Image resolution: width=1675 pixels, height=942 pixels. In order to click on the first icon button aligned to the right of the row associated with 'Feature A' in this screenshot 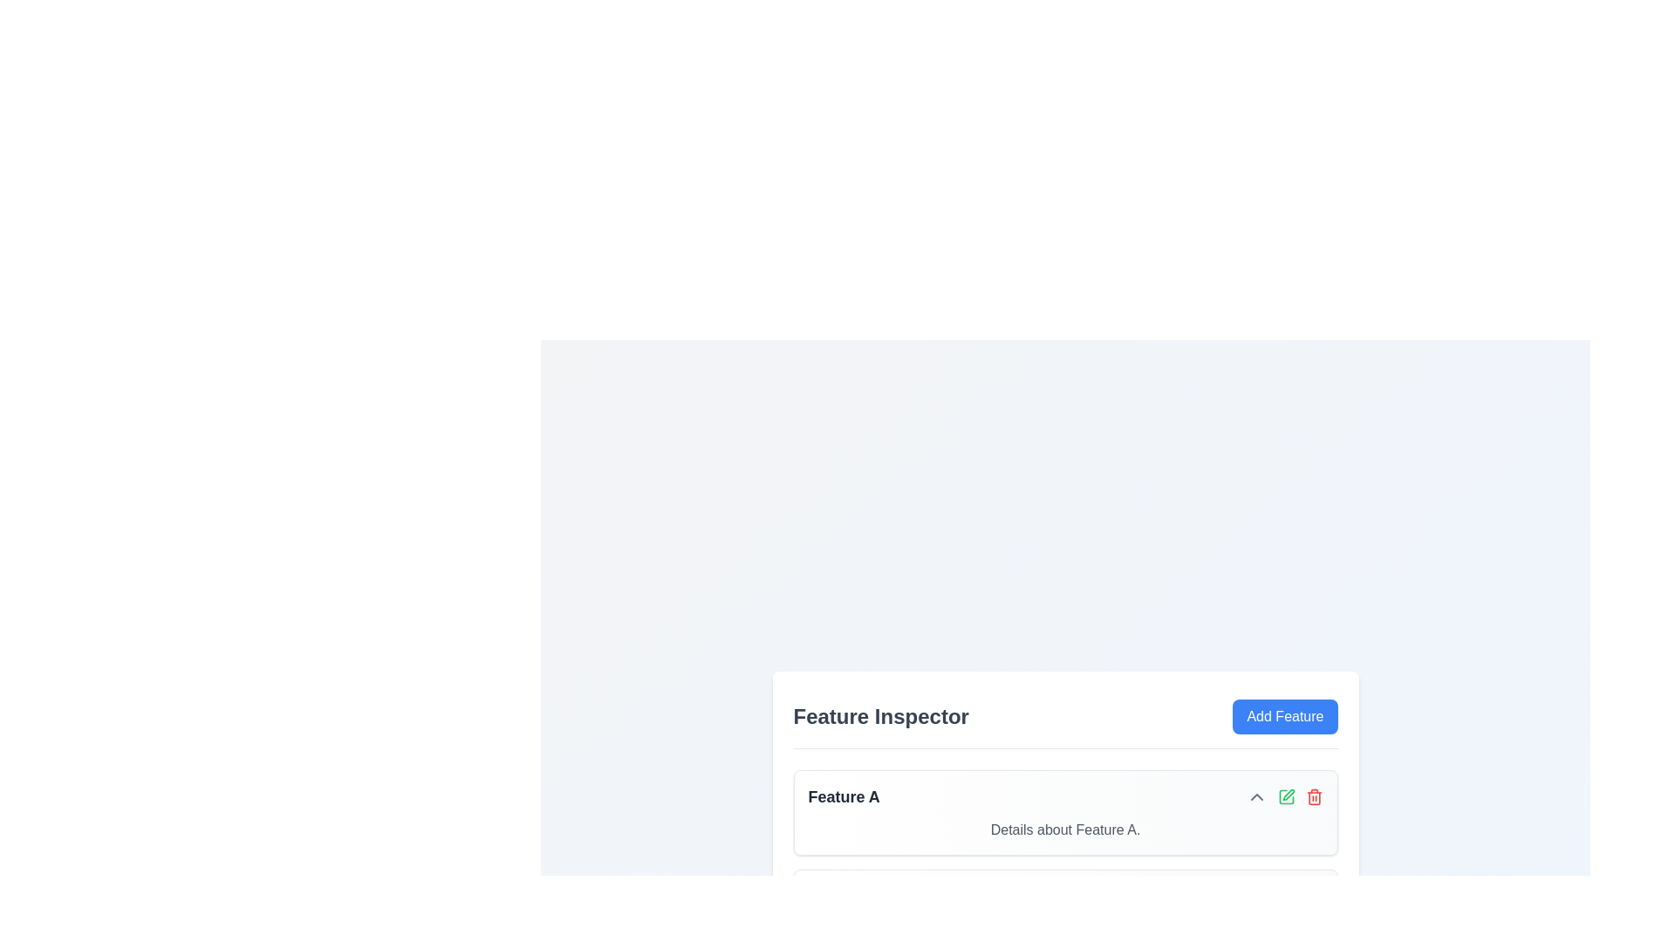, I will do `click(1256, 796)`.